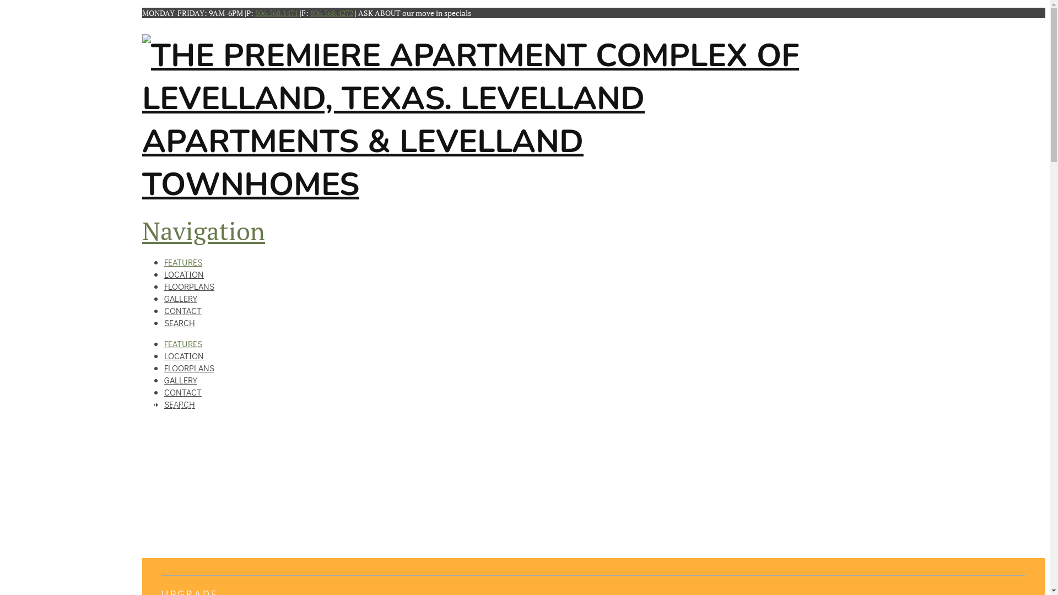 The width and height of the screenshot is (1058, 595). Describe the element at coordinates (182, 307) in the screenshot. I see `'CONTACT'` at that location.